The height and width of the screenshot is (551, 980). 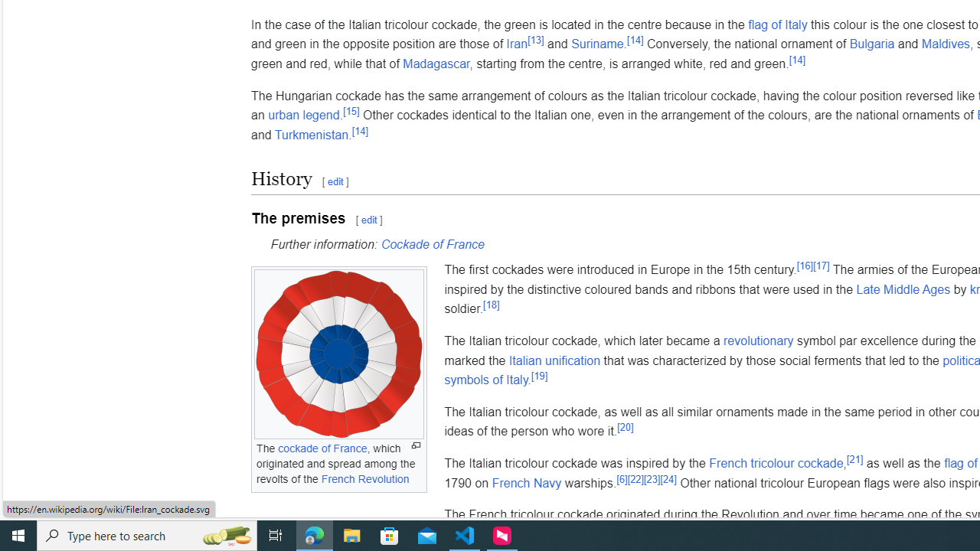 What do you see at coordinates (777, 24) in the screenshot?
I see `'flag of Italy'` at bounding box center [777, 24].